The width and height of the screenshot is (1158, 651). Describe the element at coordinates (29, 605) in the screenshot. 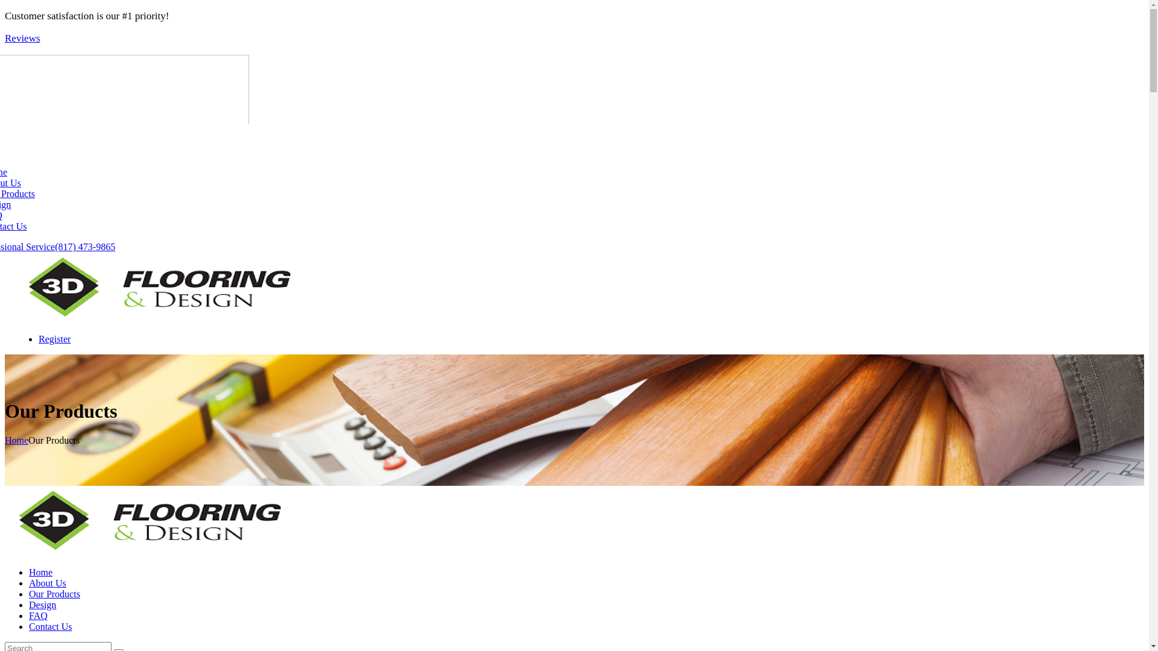

I see `'Design'` at that location.